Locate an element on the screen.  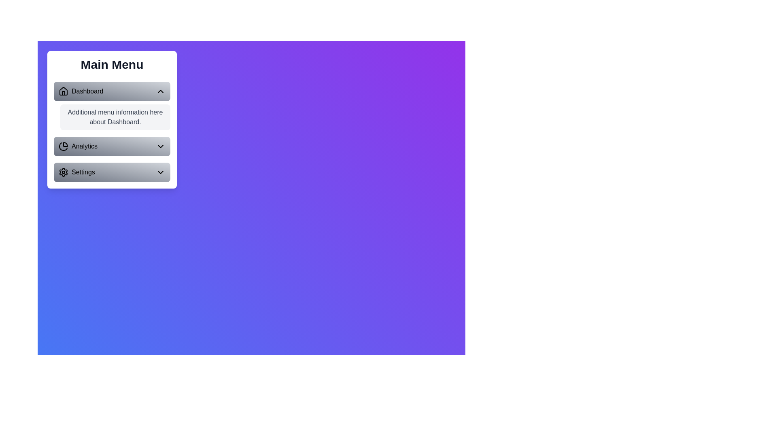
the gear icon located inside the 'Settings' menu option at the bottom of the main navigation menu is located at coordinates (63, 172).